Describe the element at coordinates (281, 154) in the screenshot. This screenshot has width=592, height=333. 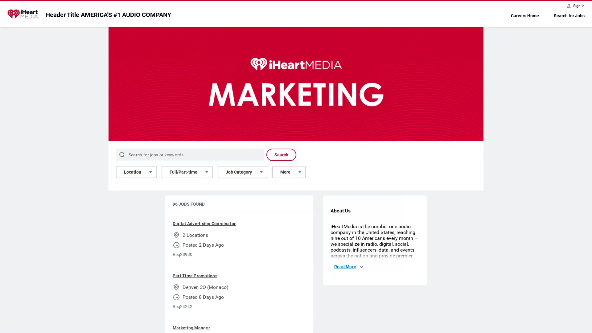
I see `Search` at that location.